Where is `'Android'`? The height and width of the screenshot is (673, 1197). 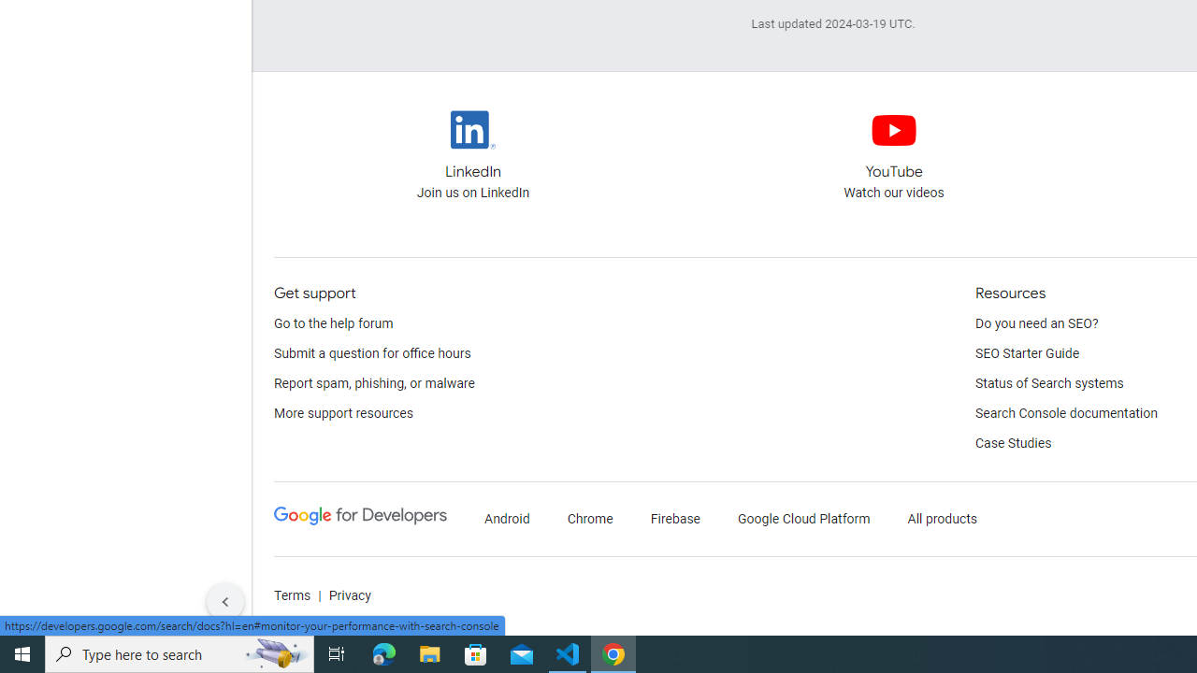 'Android' is located at coordinates (507, 519).